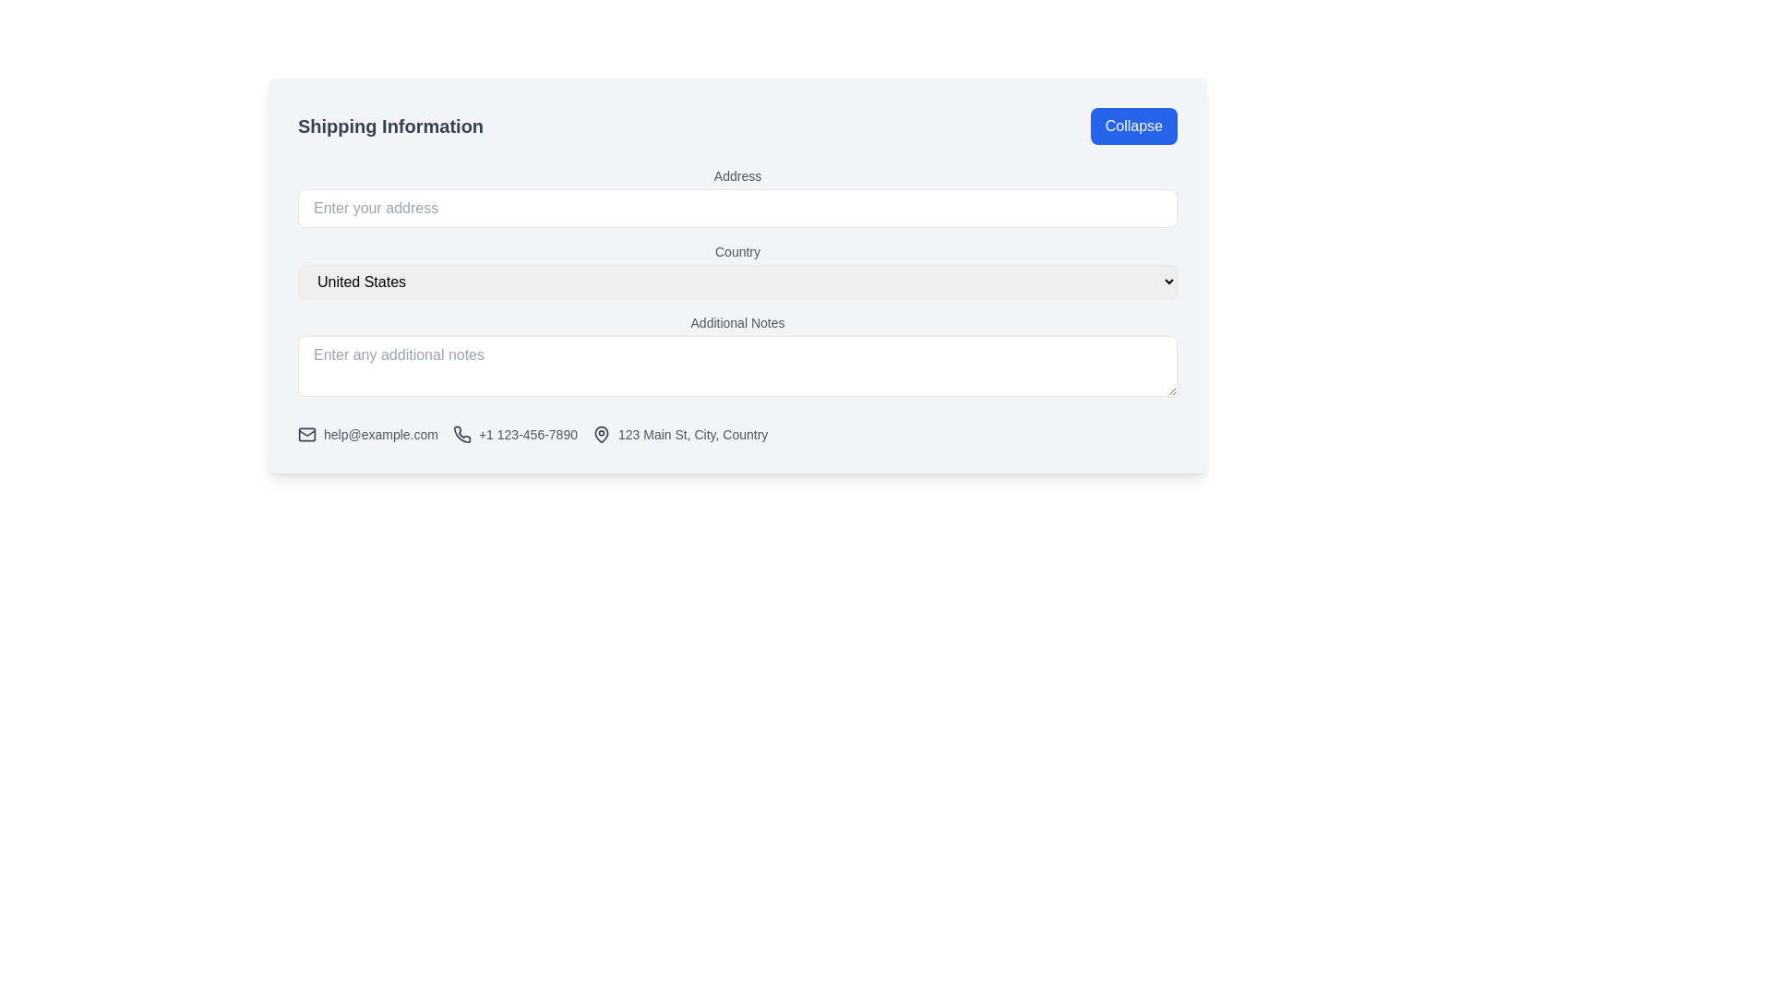 The height and width of the screenshot is (997, 1772). Describe the element at coordinates (461, 434) in the screenshot. I see `the phone contact icon located in the footer section of the Shipping Information card, positioned directly next to the phone number '+1 123-456-7890'` at that location.